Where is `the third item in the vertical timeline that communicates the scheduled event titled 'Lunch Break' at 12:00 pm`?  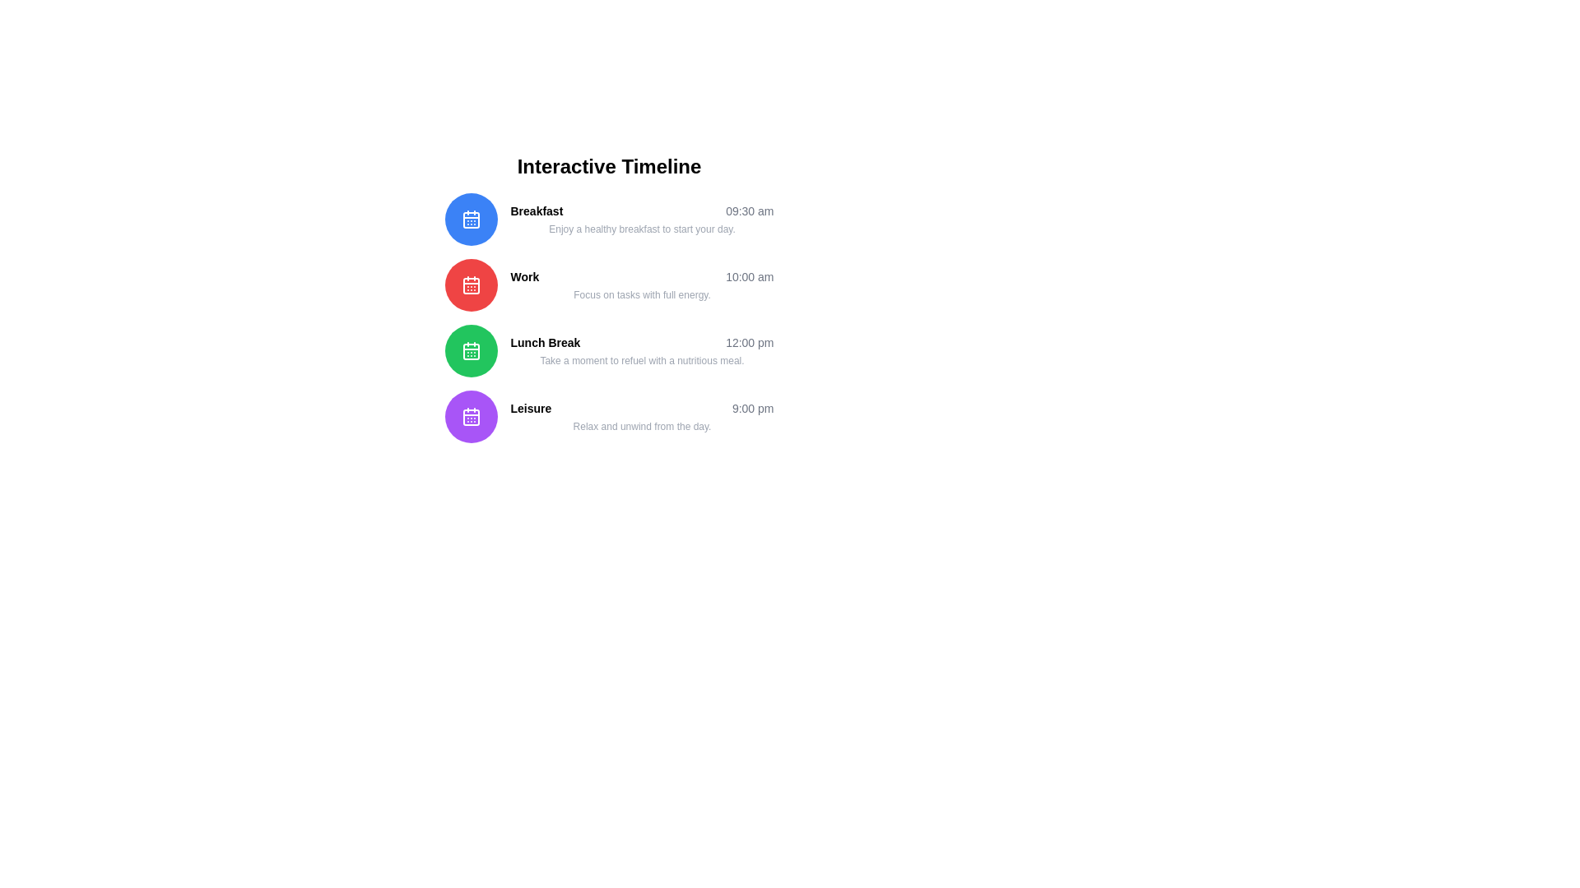
the third item in the vertical timeline that communicates the scheduled event titled 'Lunch Break' at 12:00 pm is located at coordinates (608, 350).